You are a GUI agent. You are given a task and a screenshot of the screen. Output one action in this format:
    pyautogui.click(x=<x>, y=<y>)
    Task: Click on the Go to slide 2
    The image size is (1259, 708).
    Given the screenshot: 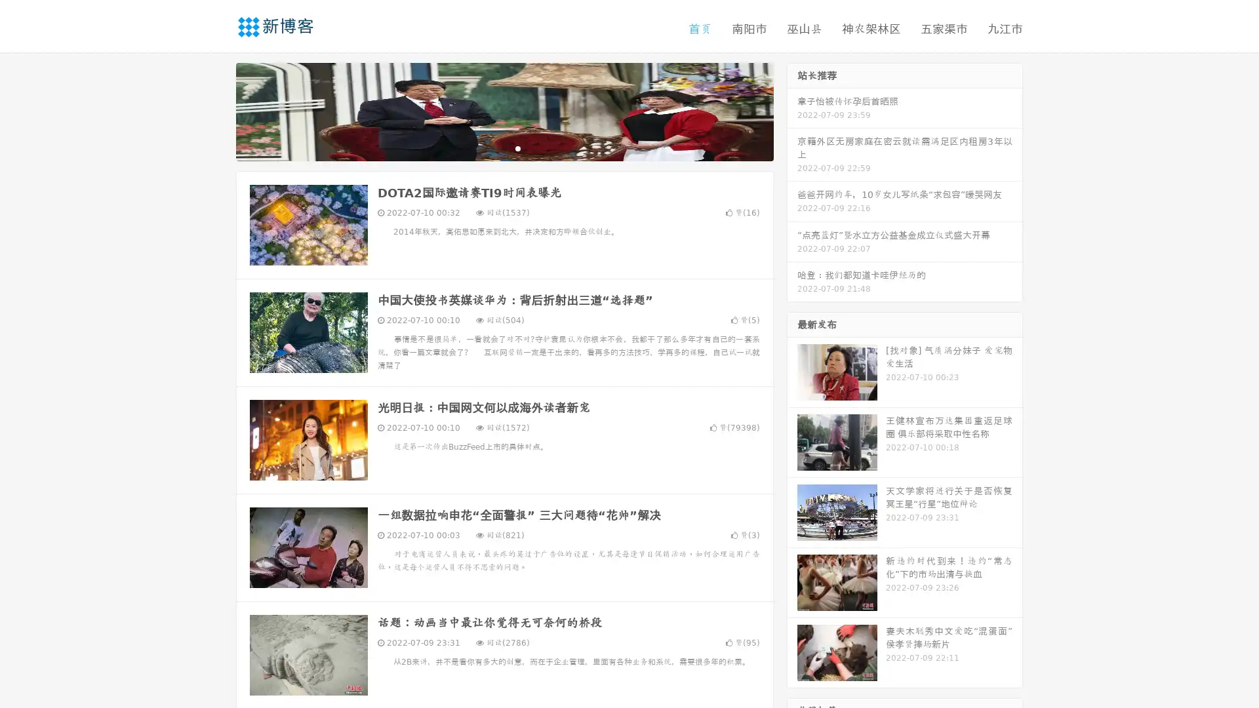 What is the action you would take?
    pyautogui.click(x=504, y=147)
    